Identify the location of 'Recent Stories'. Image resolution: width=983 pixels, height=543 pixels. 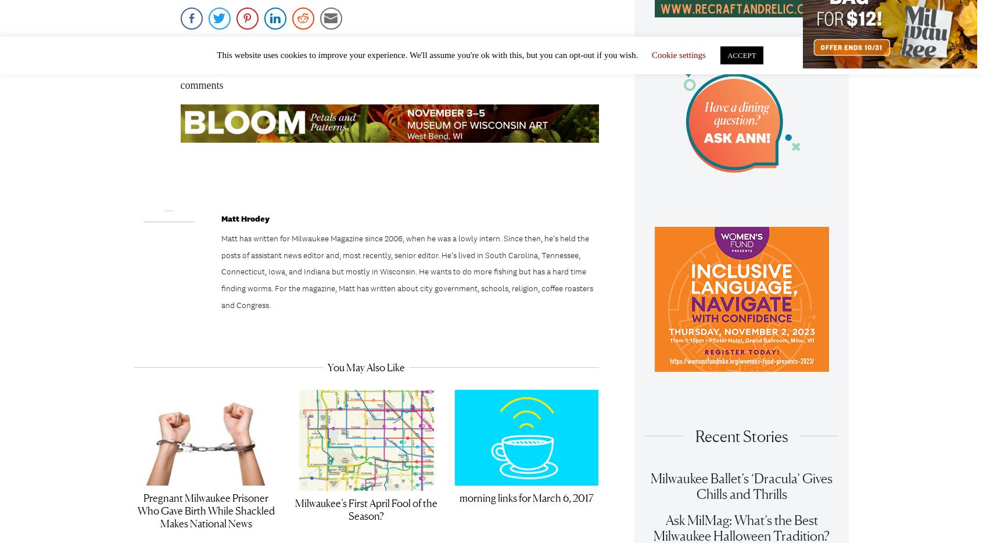
(741, 441).